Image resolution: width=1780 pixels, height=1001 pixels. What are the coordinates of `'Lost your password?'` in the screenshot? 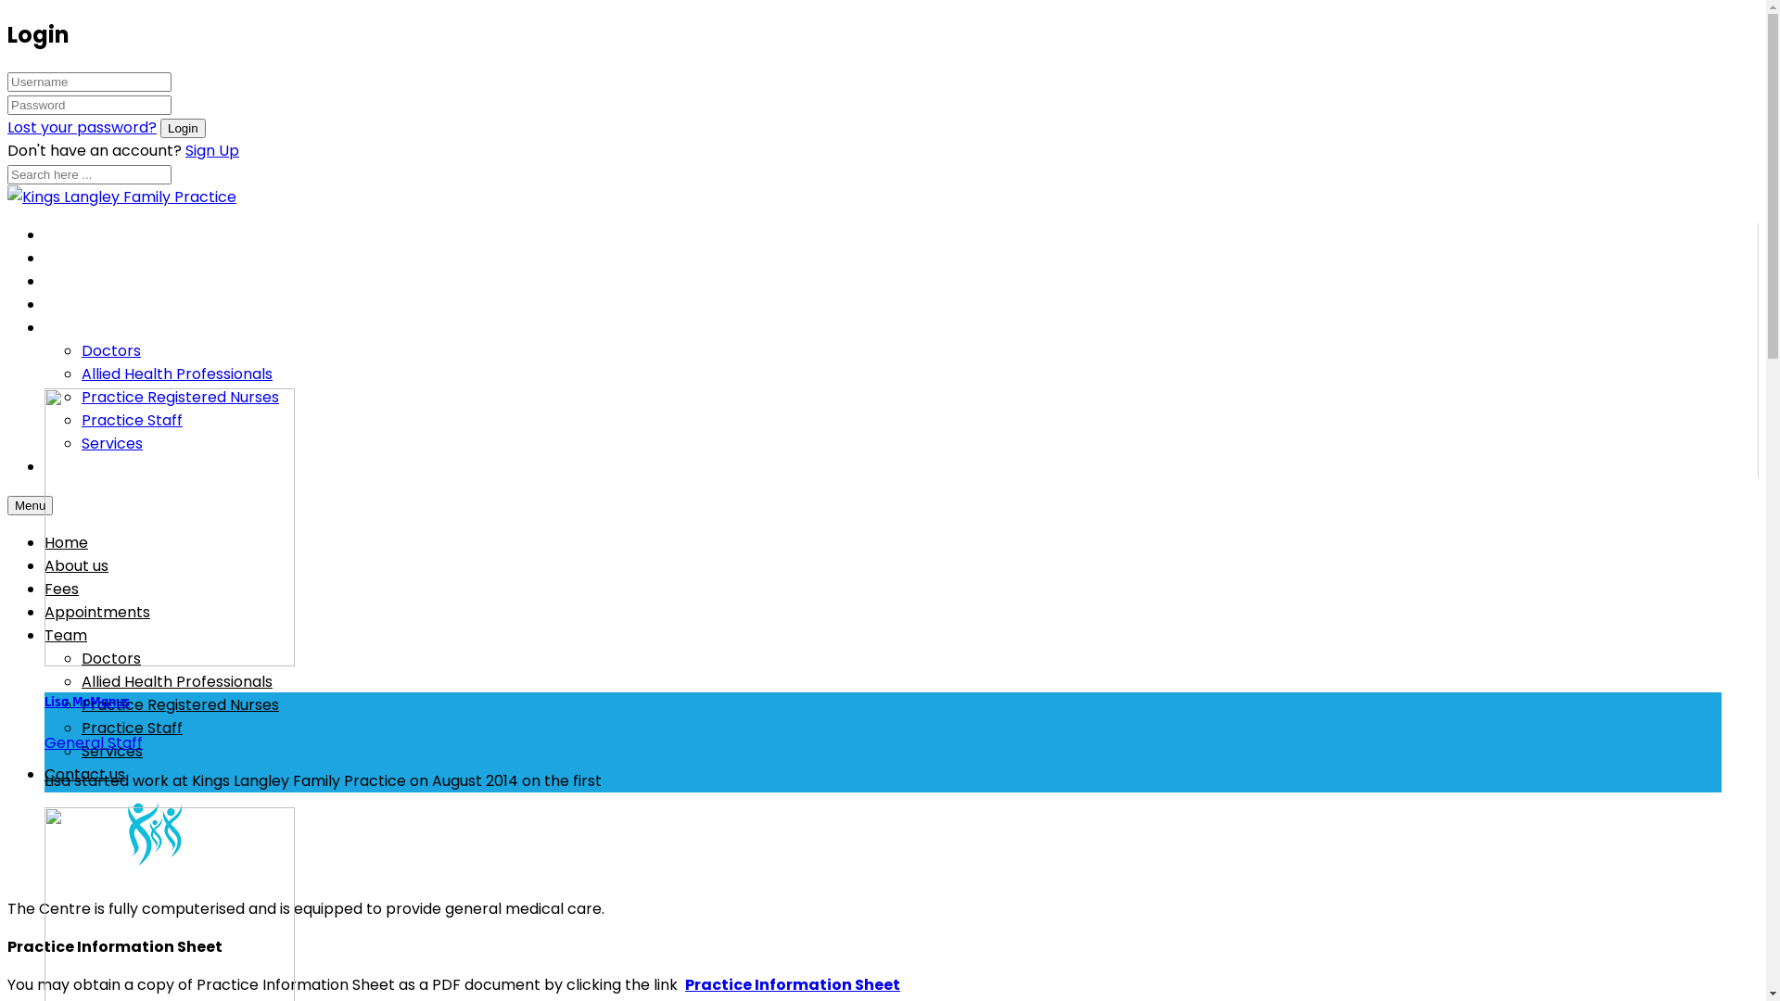 It's located at (7, 126).